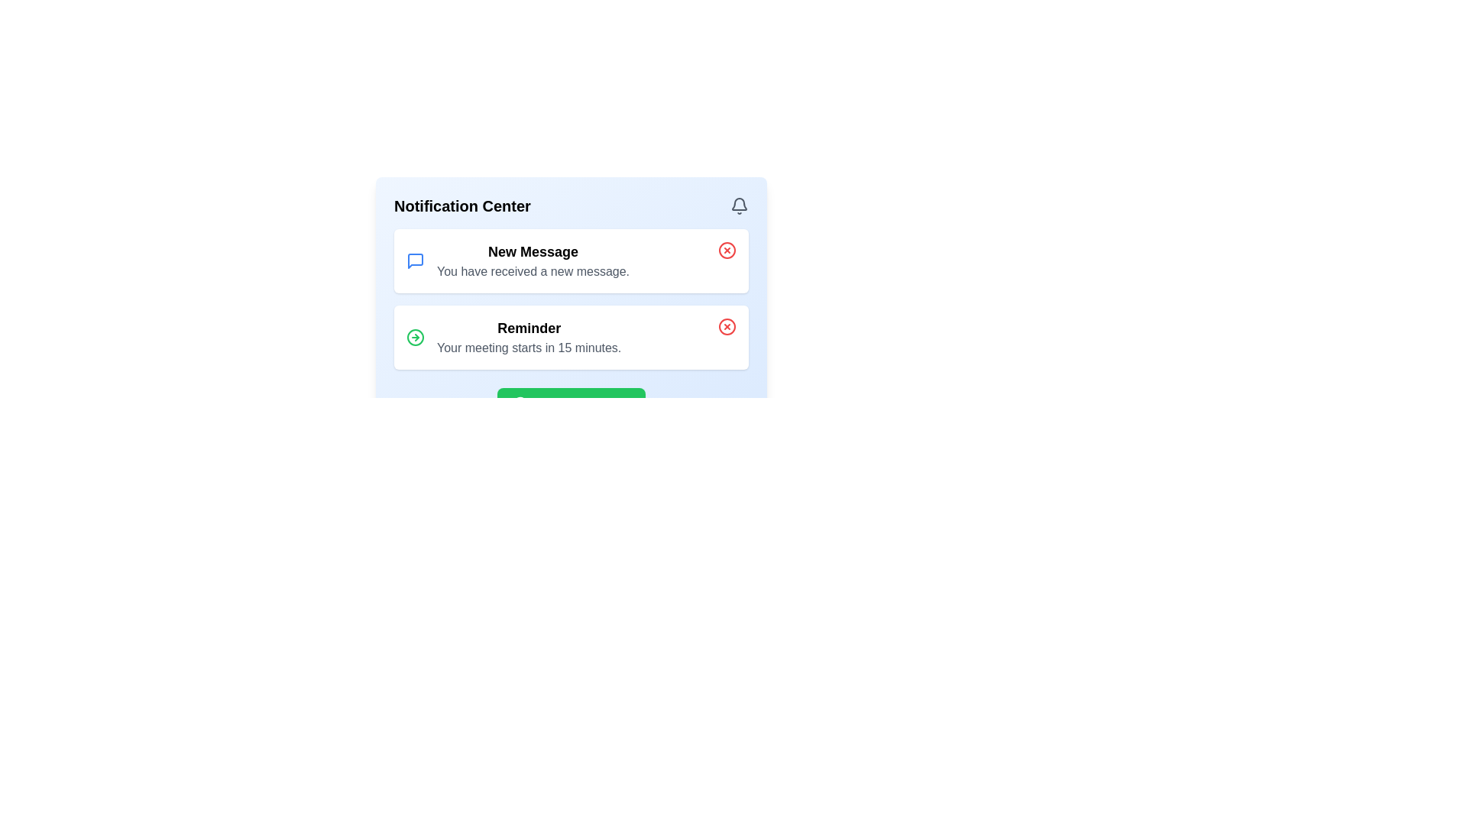 The width and height of the screenshot is (1467, 825). Describe the element at coordinates (533, 270) in the screenshot. I see `the descriptive text element providing additional details about the 'New Message' notification, which is located directly below the 'New Message' text and to the right of the blue speech bubble icon in the Notification Center` at that location.